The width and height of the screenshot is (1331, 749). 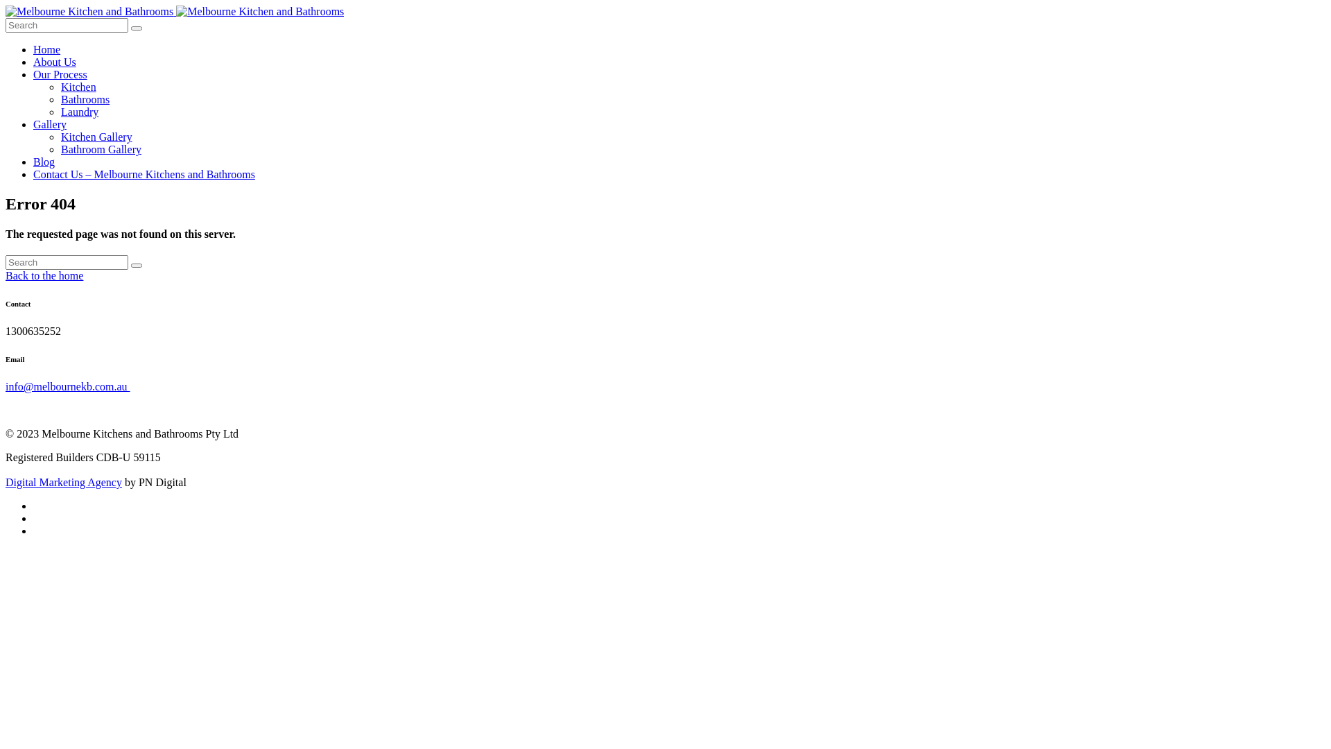 What do you see at coordinates (79, 111) in the screenshot?
I see `'Laundry'` at bounding box center [79, 111].